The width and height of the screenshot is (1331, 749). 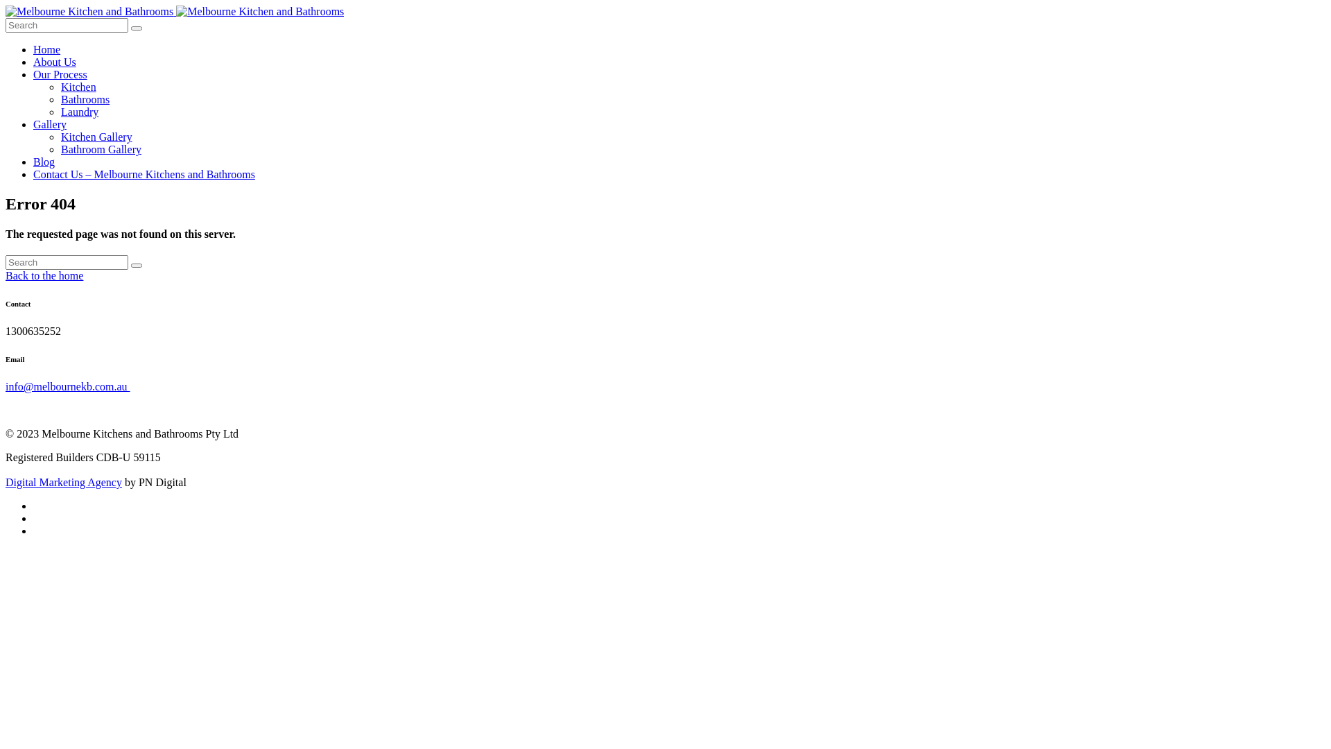 What do you see at coordinates (79, 111) in the screenshot?
I see `'Laundry'` at bounding box center [79, 111].